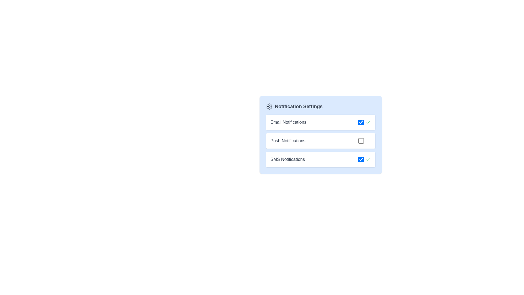  I want to click on the 'Push Notifications' static text label, which is displayed in medium gray with a bold font, located in the 'Notification Settings' panel, so click(288, 141).